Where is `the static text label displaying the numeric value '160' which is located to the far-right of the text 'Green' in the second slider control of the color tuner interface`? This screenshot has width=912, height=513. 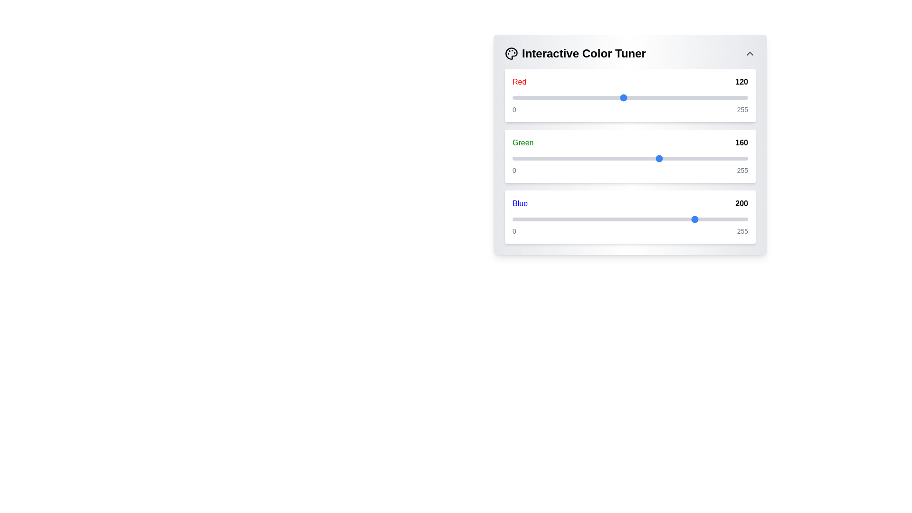 the static text label displaying the numeric value '160' which is located to the far-right of the text 'Green' in the second slider control of the color tuner interface is located at coordinates (741, 142).